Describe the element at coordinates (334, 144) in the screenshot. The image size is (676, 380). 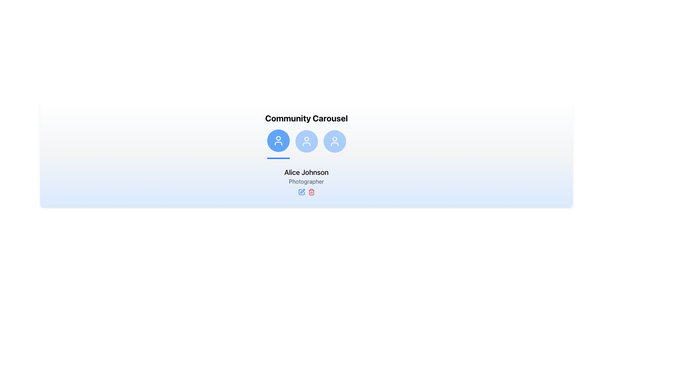
I see `the enclosing button of the third circular button representing a user icon in the Community Carousel by clicking on its center` at that location.